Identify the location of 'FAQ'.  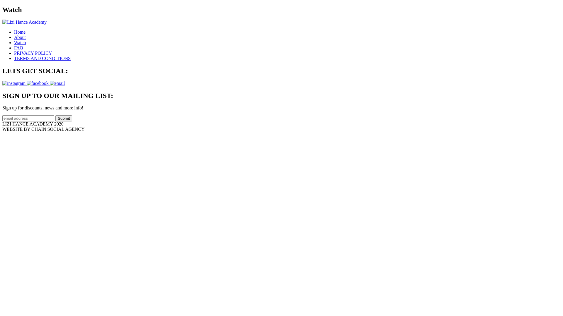
(14, 47).